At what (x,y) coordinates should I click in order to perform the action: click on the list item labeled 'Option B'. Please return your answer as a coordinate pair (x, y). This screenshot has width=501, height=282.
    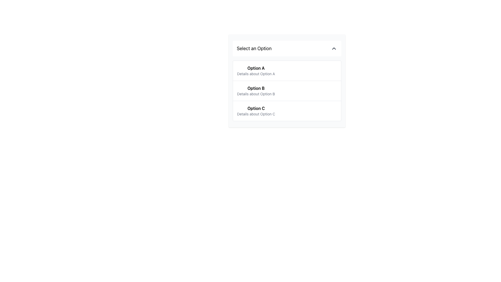
    Looking at the image, I should click on (287, 90).